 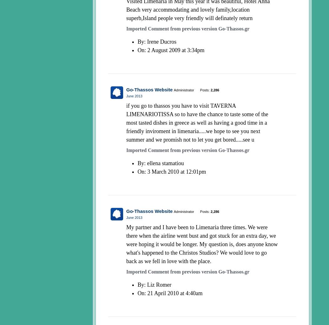 What do you see at coordinates (160, 41) in the screenshot?
I see `': Irene Ducros'` at bounding box center [160, 41].